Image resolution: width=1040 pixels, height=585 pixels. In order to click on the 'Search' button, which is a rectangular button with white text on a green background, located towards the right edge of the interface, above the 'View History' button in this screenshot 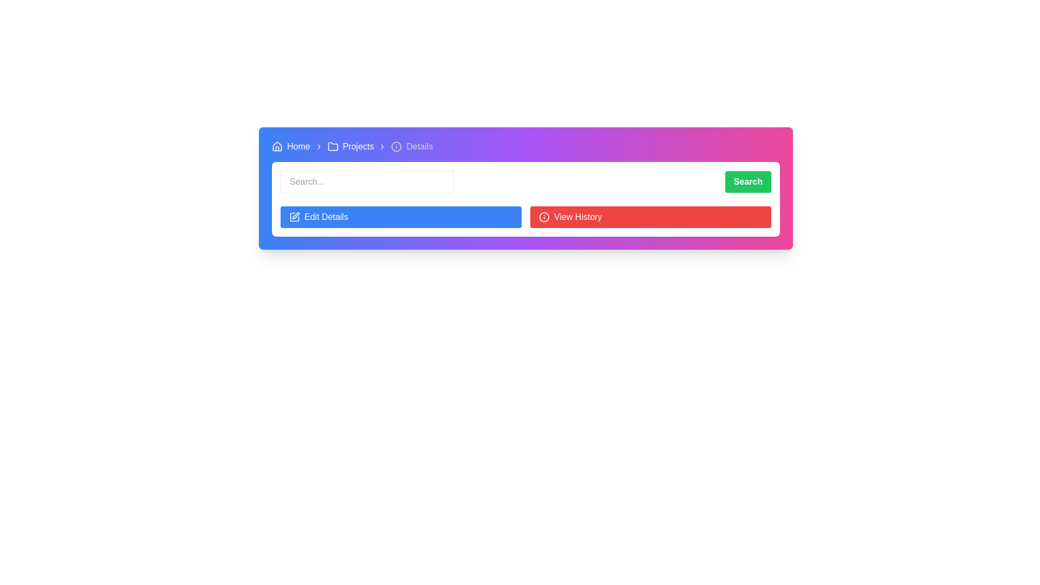, I will do `click(747, 181)`.